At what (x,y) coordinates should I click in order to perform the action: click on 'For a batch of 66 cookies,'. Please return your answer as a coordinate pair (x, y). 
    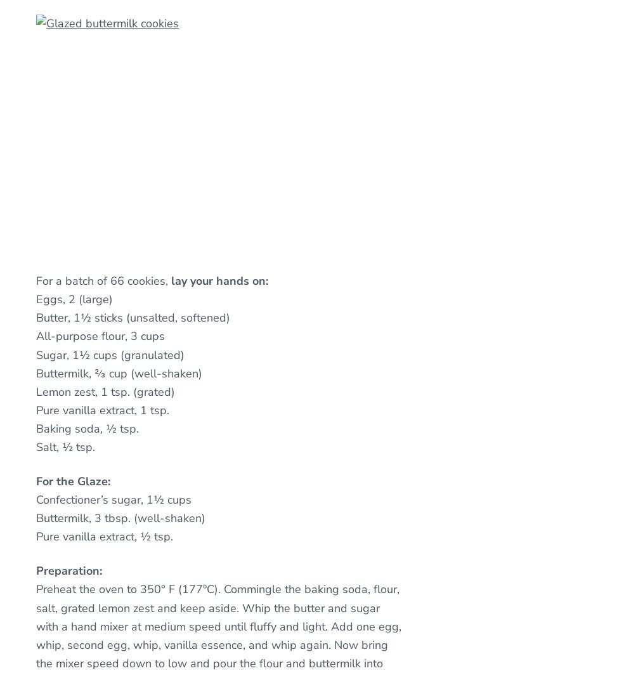
    Looking at the image, I should click on (103, 280).